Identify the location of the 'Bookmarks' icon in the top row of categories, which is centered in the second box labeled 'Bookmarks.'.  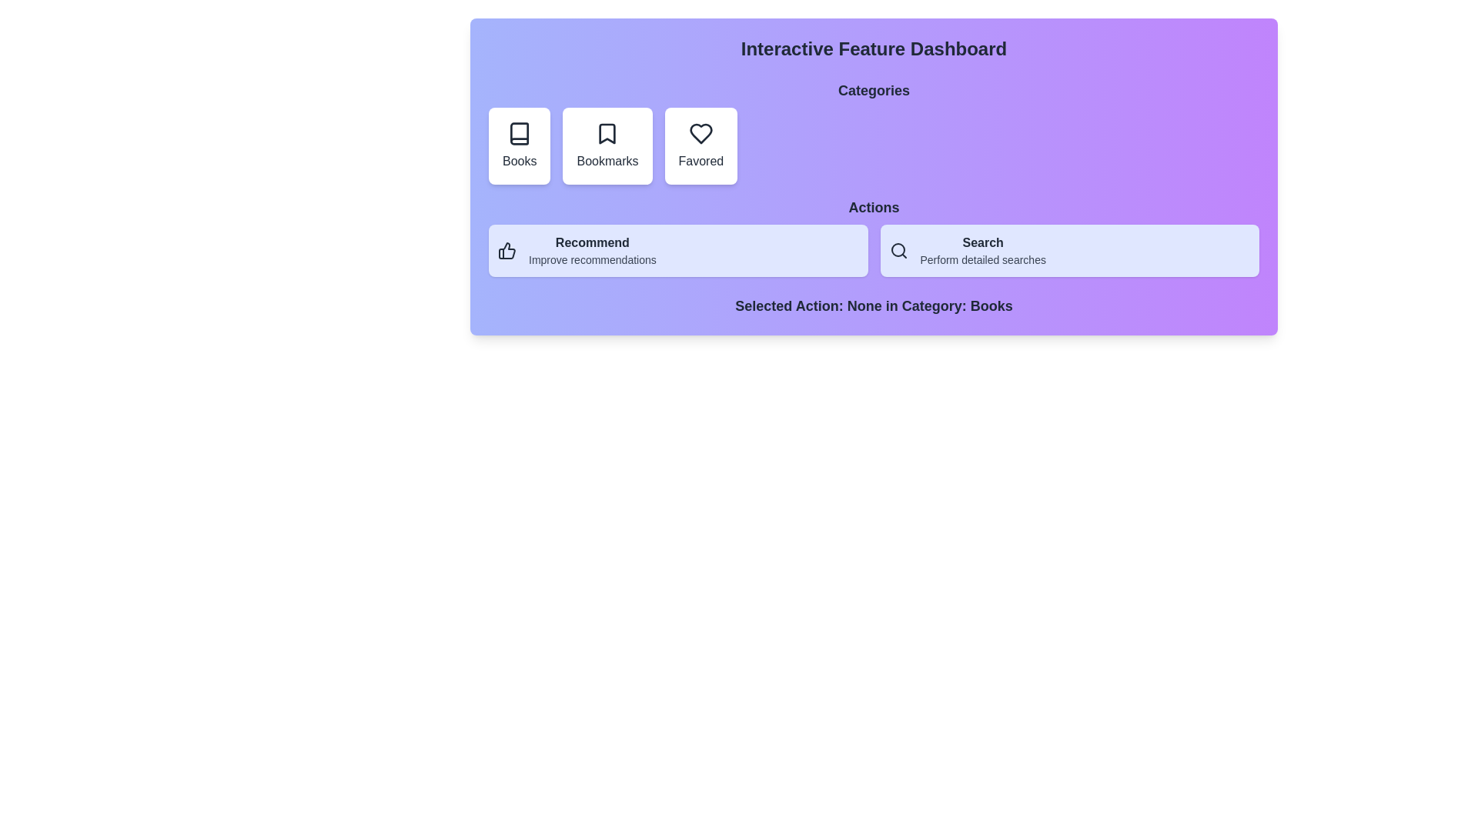
(607, 132).